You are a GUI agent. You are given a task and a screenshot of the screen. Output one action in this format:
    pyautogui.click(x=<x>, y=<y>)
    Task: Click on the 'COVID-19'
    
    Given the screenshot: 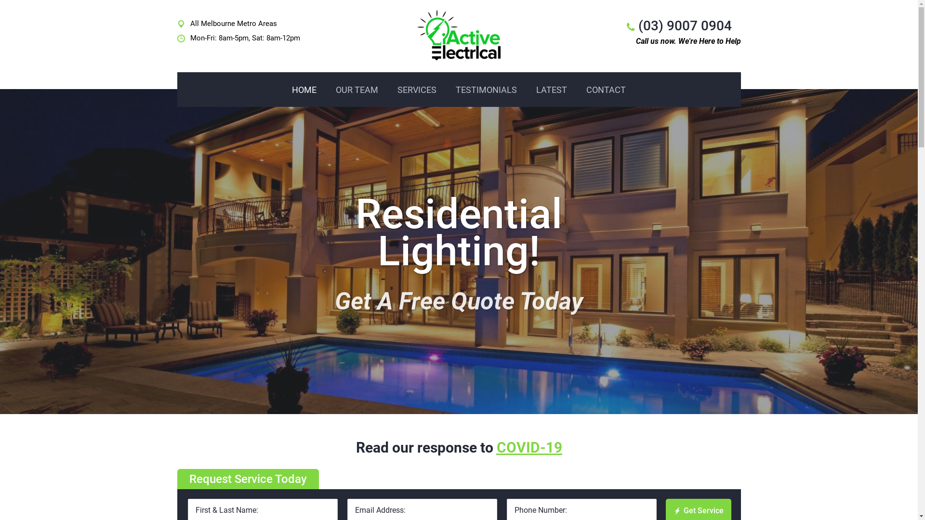 What is the action you would take?
    pyautogui.click(x=529, y=447)
    